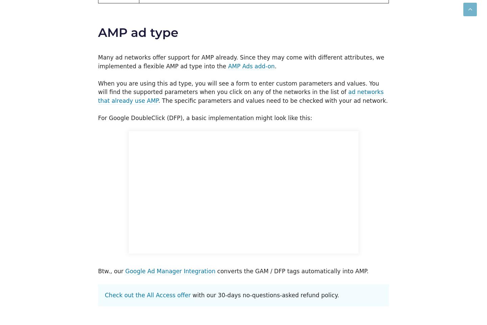 The image size is (487, 325). Describe the element at coordinates (169, 270) in the screenshot. I see `'Google Ad Manager Integration'` at that location.